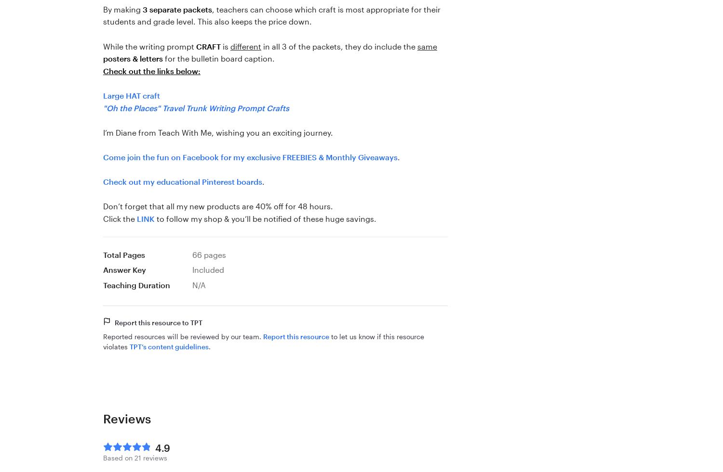  Describe the element at coordinates (250, 156) in the screenshot. I see `'Come join the fun on Facebook for my exclusive FREEBIES & Monthly Giveaways'` at that location.